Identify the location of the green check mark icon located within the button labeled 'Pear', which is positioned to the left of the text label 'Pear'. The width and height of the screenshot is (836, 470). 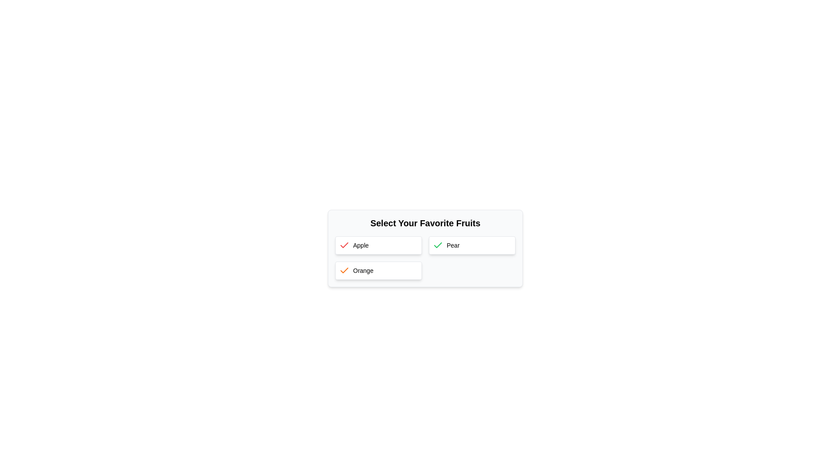
(438, 245).